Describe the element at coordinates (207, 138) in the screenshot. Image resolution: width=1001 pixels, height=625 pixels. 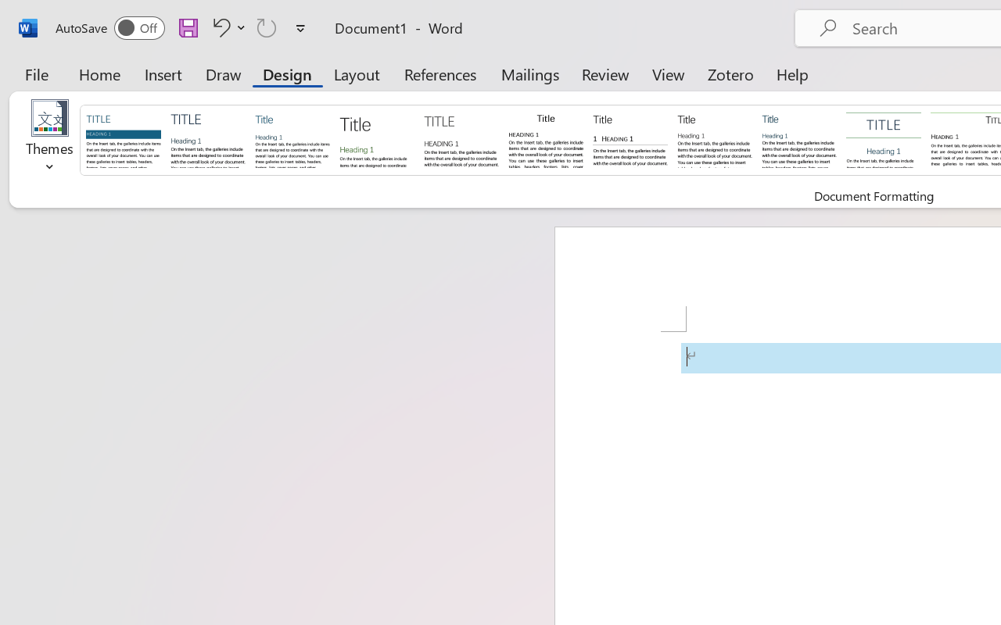
I see `'Basic (Elegant)'` at that location.